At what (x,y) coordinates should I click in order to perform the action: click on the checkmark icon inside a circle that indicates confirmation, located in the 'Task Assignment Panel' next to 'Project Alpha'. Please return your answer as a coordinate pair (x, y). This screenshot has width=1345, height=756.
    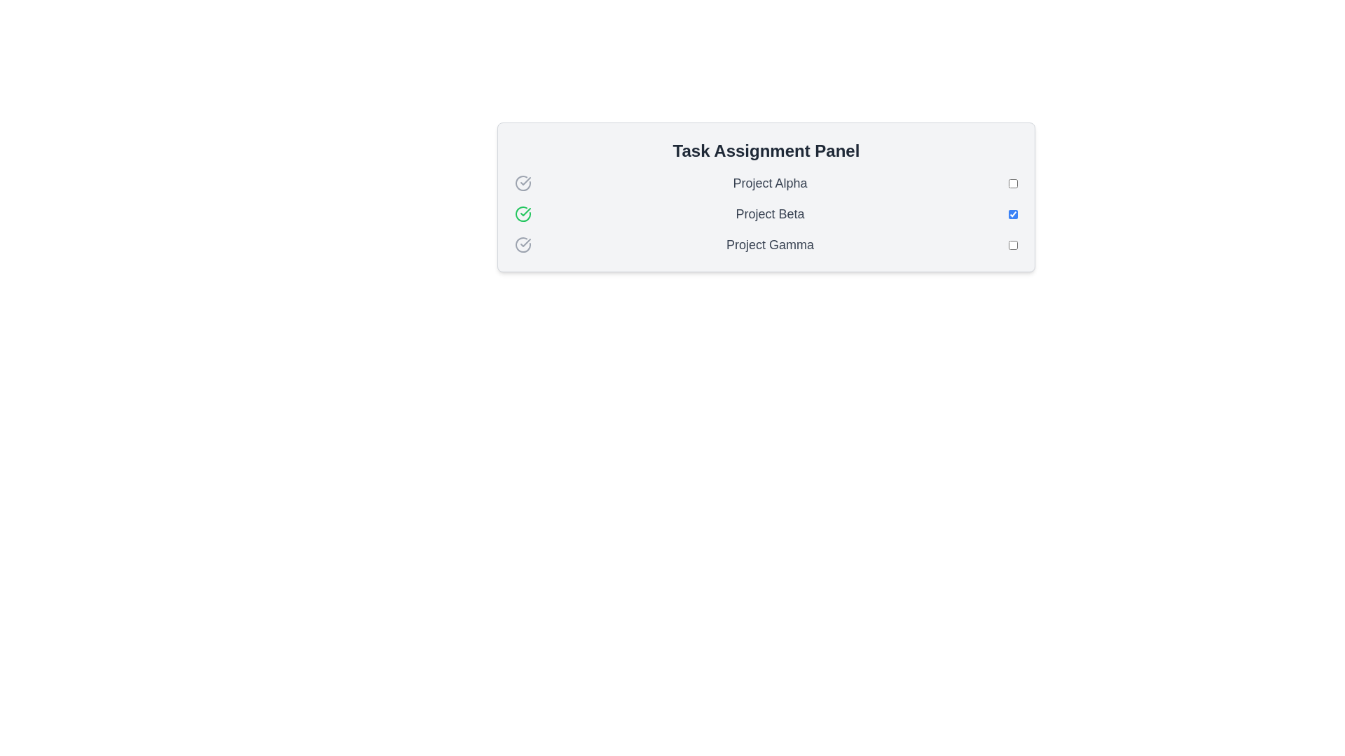
    Looking at the image, I should click on (525, 242).